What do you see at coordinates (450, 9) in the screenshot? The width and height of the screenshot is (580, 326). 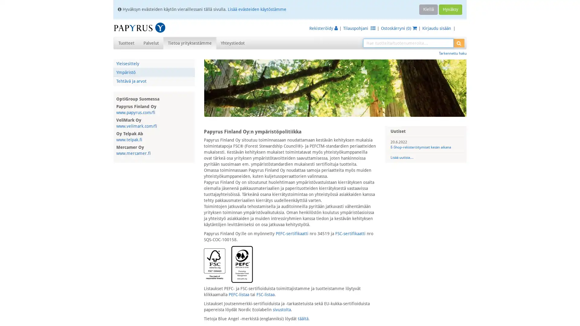 I see `Hyvaksy` at bounding box center [450, 9].